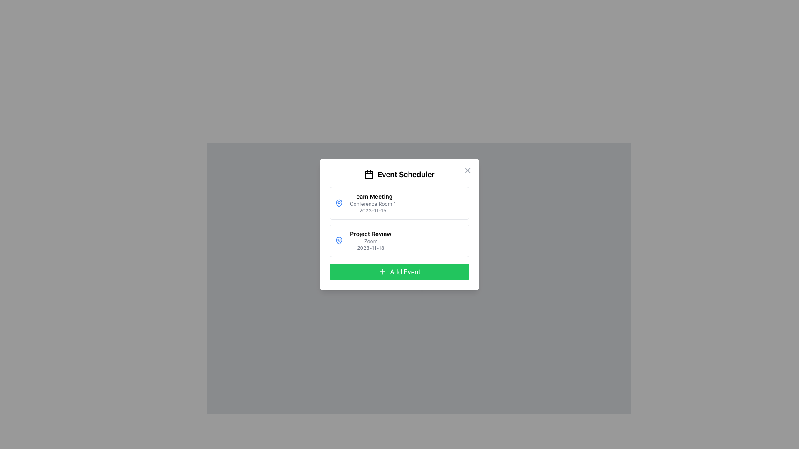 The image size is (799, 449). What do you see at coordinates (405, 272) in the screenshot?
I see `the text display within the green button at the bottom of the modal` at bounding box center [405, 272].